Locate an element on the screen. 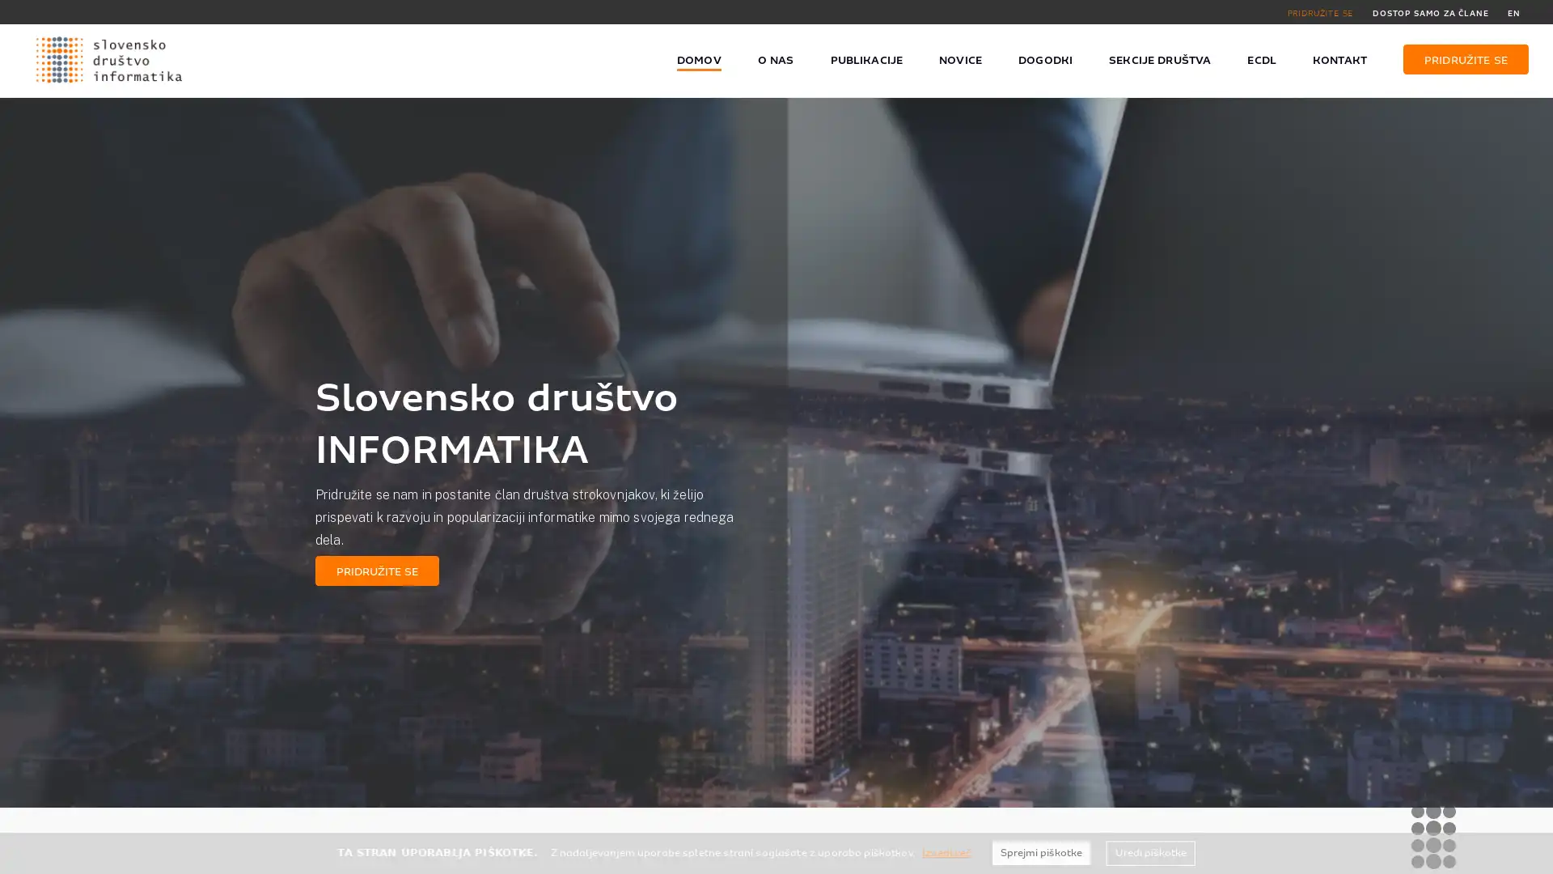 The height and width of the screenshot is (874, 1553). Uredi piskotke is located at coordinates (1149, 852).